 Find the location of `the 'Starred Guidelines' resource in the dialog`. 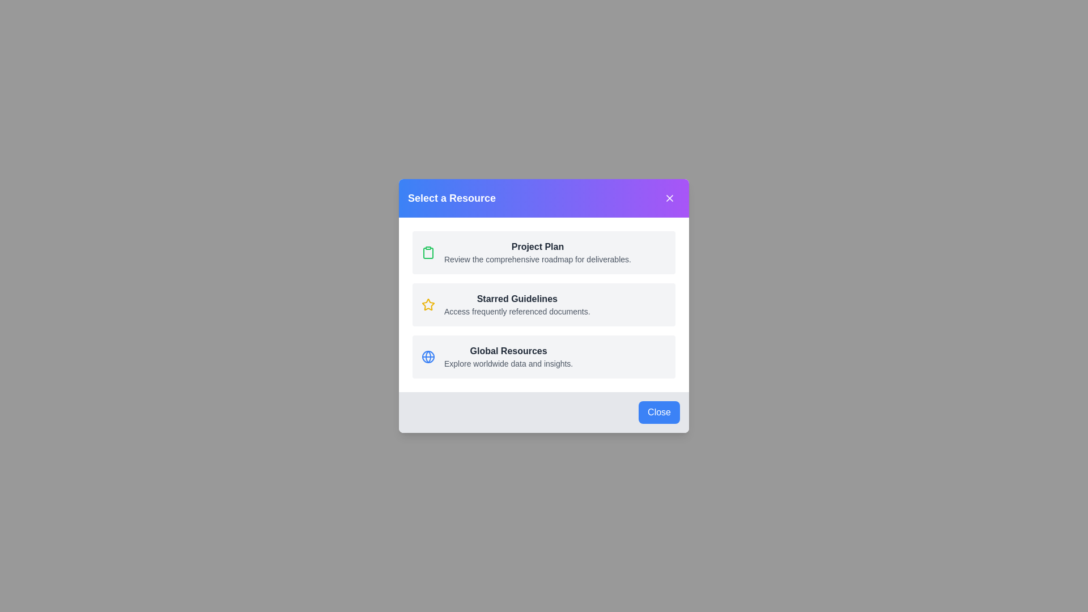

the 'Starred Guidelines' resource in the dialog is located at coordinates (544, 304).